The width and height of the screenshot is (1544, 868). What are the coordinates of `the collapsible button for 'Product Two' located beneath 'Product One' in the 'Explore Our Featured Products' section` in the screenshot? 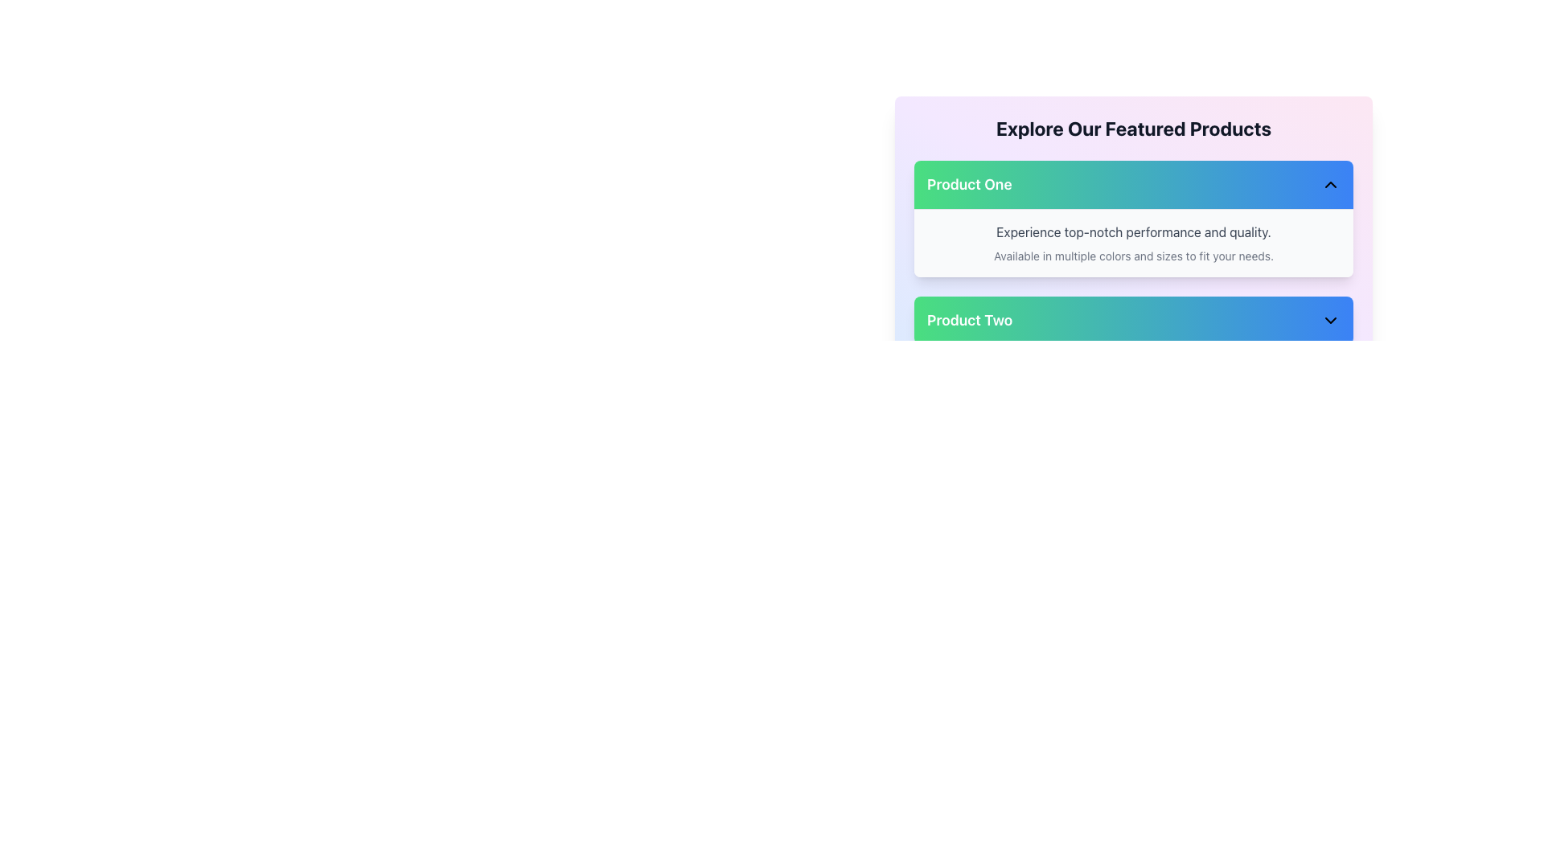 It's located at (1133, 320).